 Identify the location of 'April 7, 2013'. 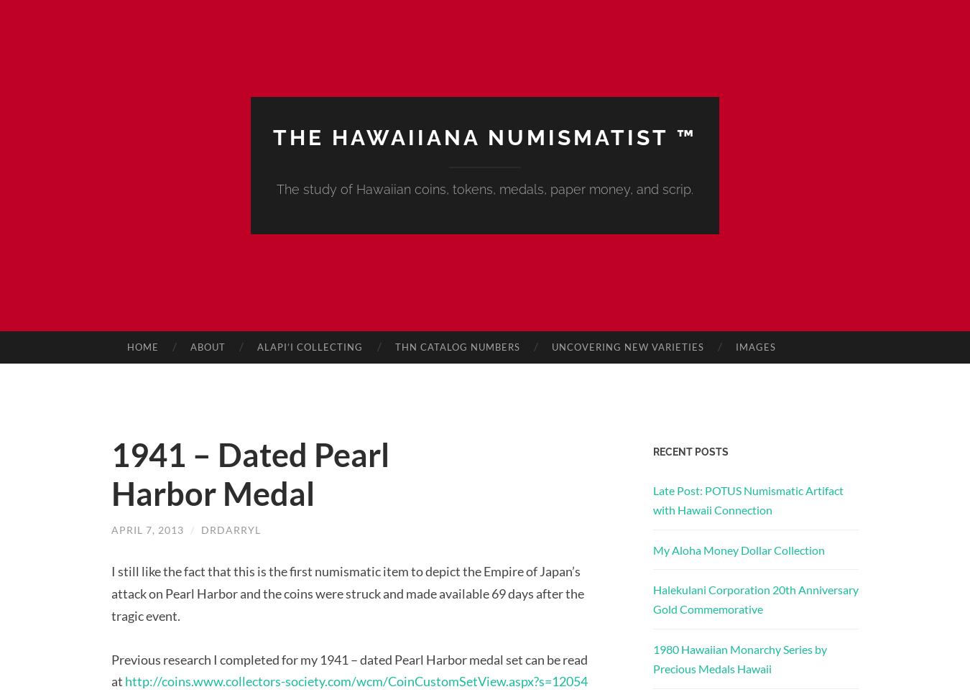
(147, 529).